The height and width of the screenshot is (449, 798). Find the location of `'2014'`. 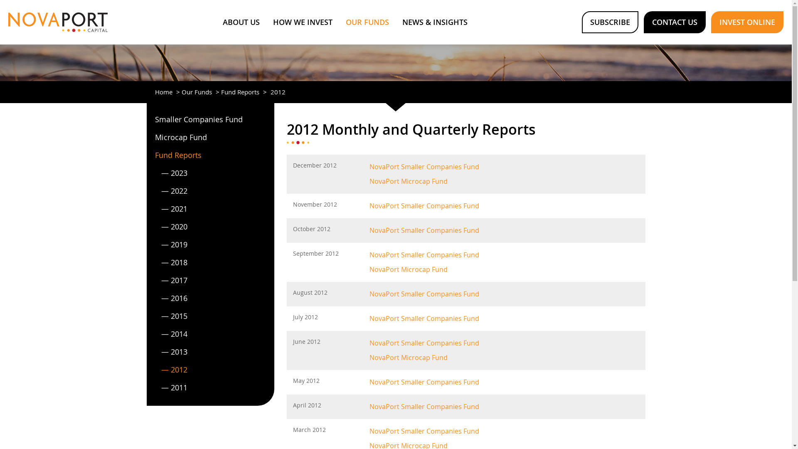

'2014' is located at coordinates (155, 330).